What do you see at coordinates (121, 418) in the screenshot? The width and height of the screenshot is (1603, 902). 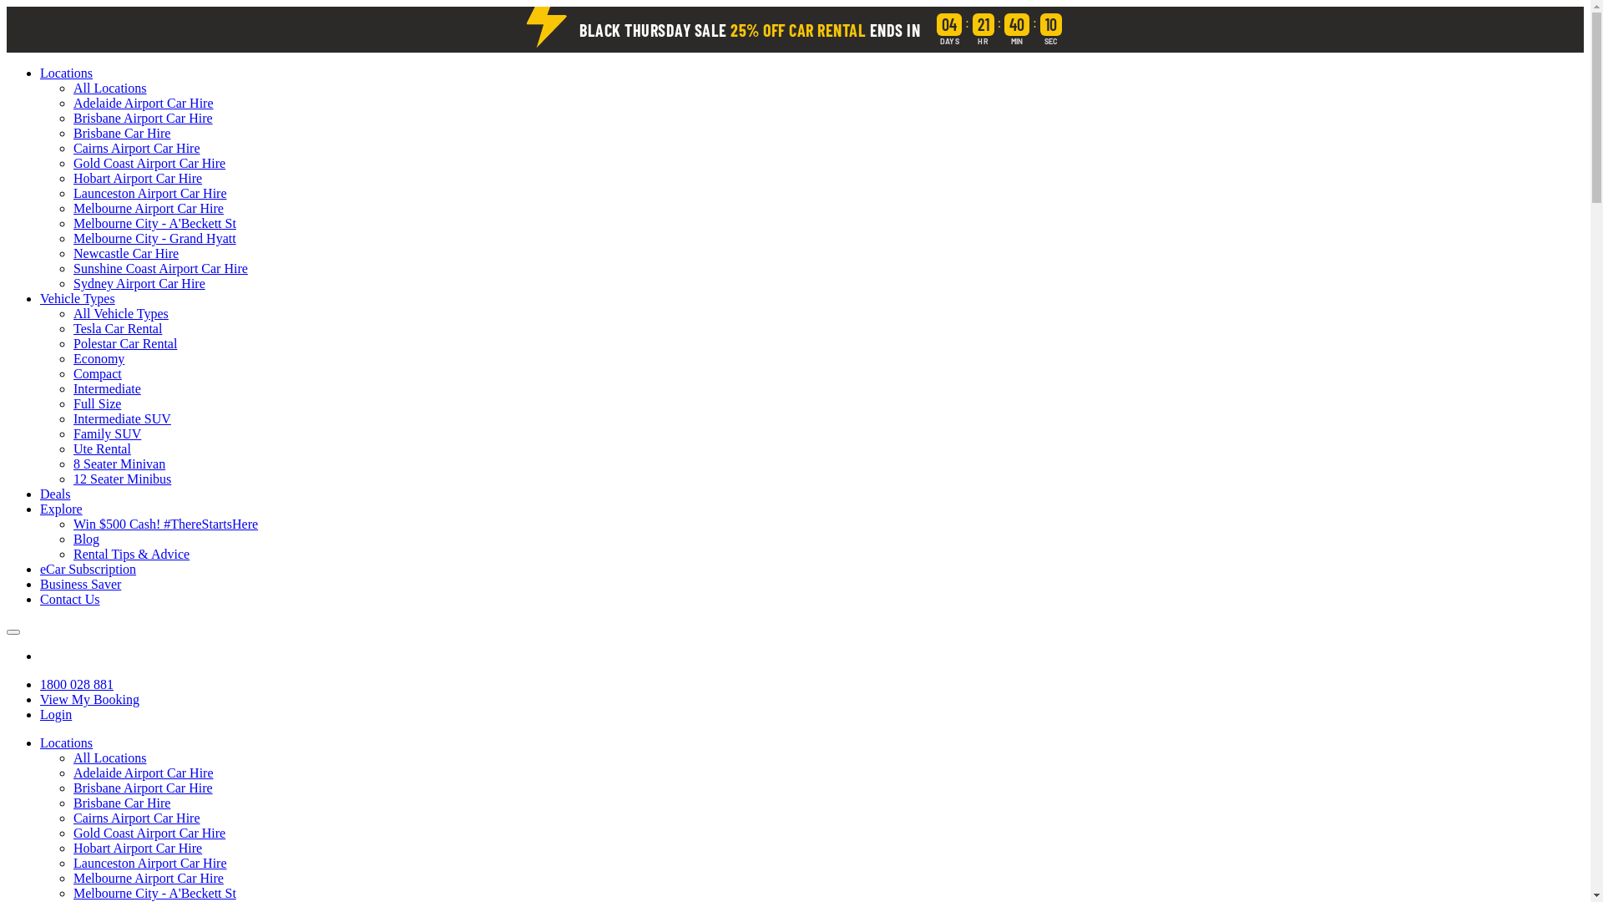 I see `'Intermediate SUV'` at bounding box center [121, 418].